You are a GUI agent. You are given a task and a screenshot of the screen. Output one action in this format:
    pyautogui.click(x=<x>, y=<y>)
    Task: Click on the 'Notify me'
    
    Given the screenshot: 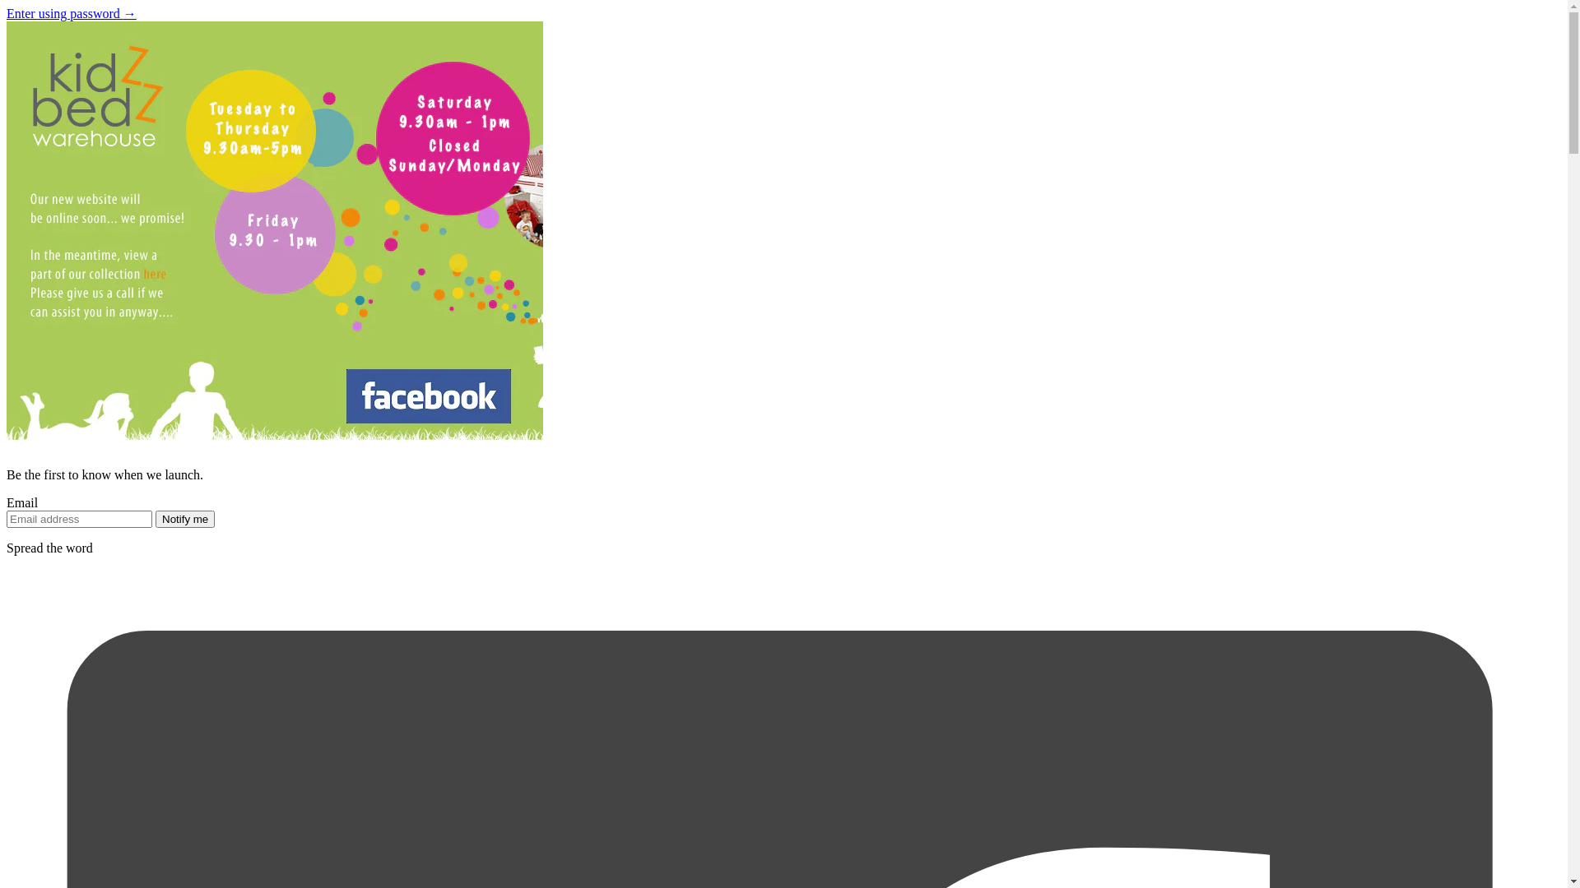 What is the action you would take?
    pyautogui.click(x=185, y=519)
    